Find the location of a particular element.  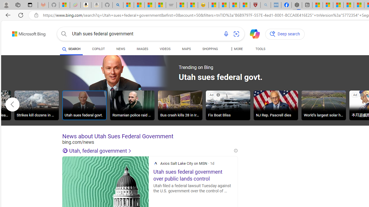

'MAPS' is located at coordinates (186, 49).